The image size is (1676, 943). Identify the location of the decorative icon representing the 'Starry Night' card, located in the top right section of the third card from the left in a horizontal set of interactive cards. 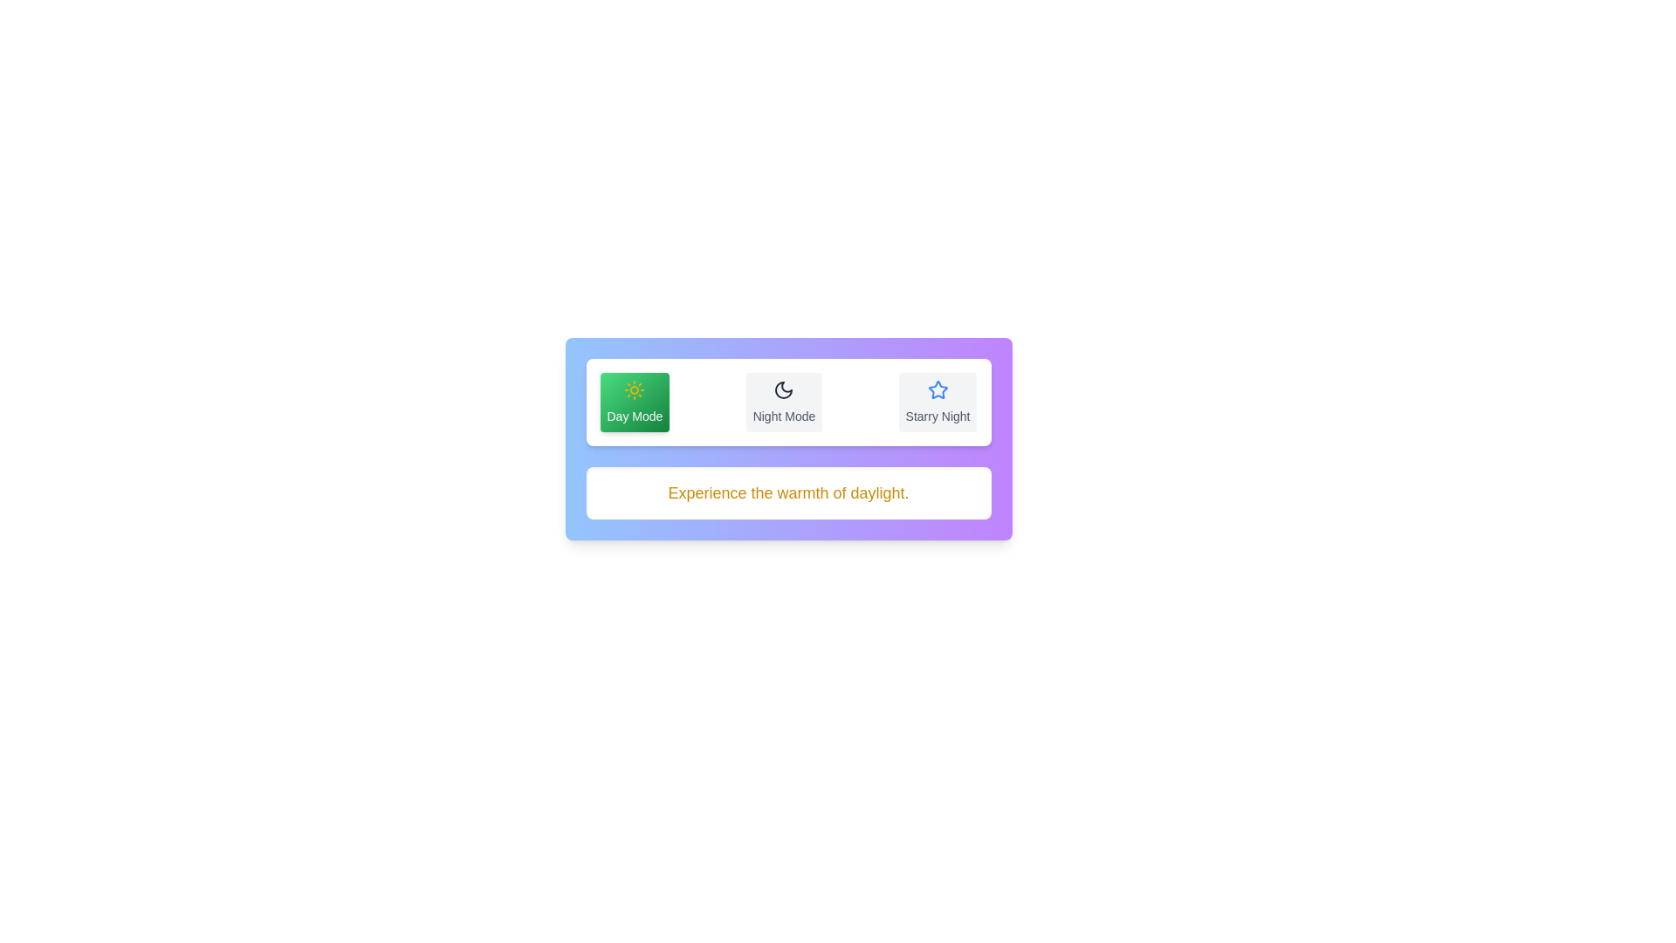
(937, 389).